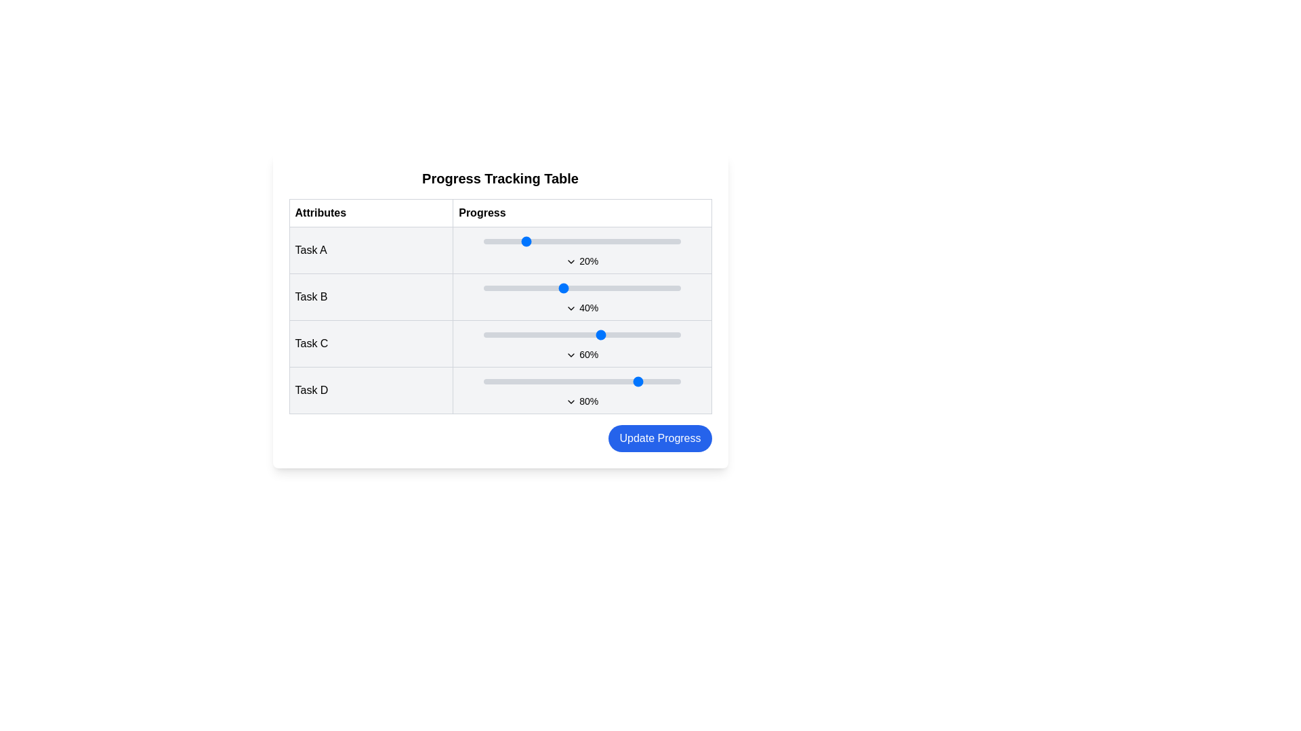 This screenshot has height=731, width=1301. What do you see at coordinates (508, 241) in the screenshot?
I see `the slider value` at bounding box center [508, 241].